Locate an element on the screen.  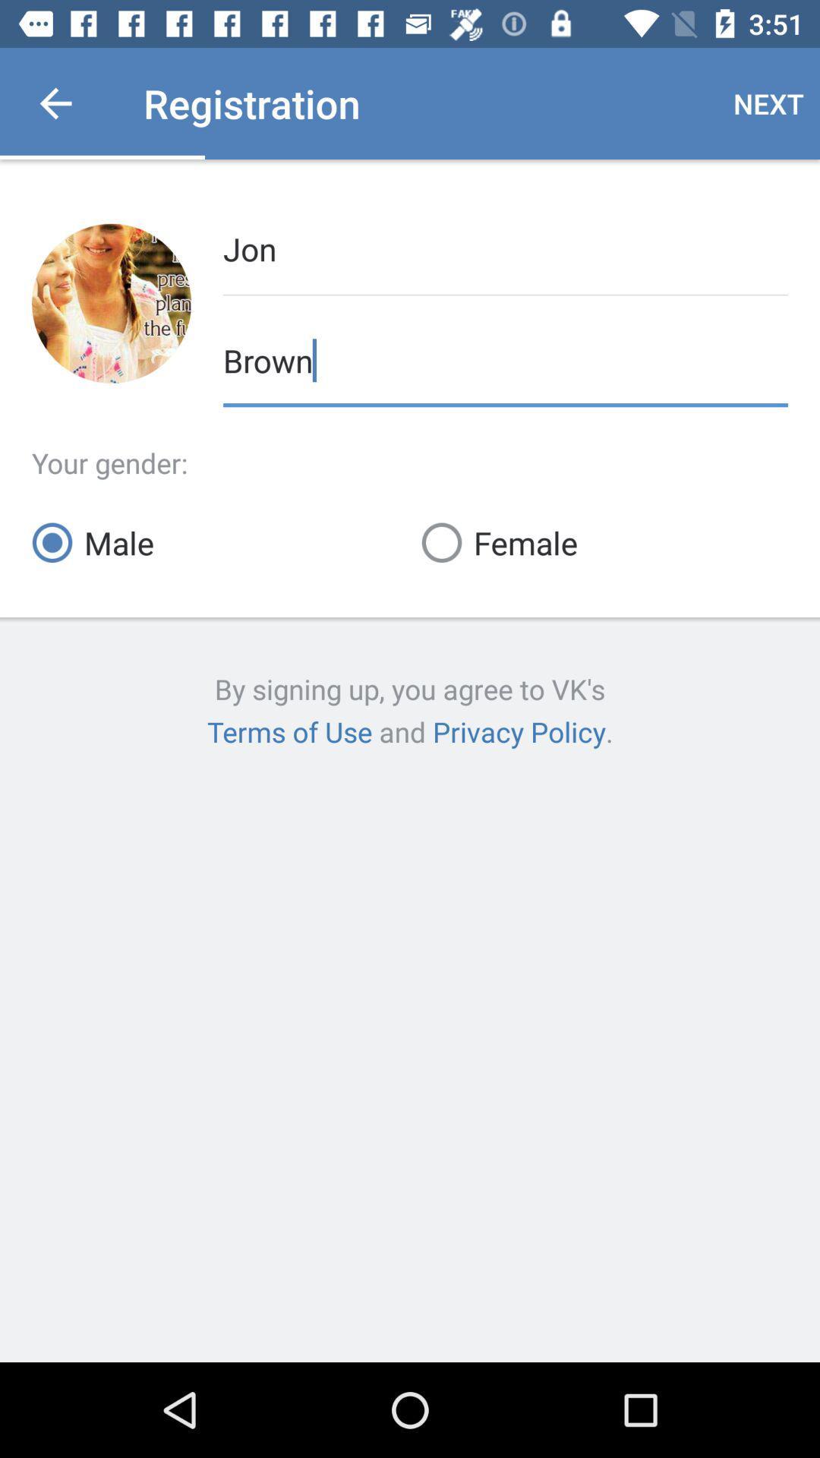
icon below the jon icon is located at coordinates (506, 358).